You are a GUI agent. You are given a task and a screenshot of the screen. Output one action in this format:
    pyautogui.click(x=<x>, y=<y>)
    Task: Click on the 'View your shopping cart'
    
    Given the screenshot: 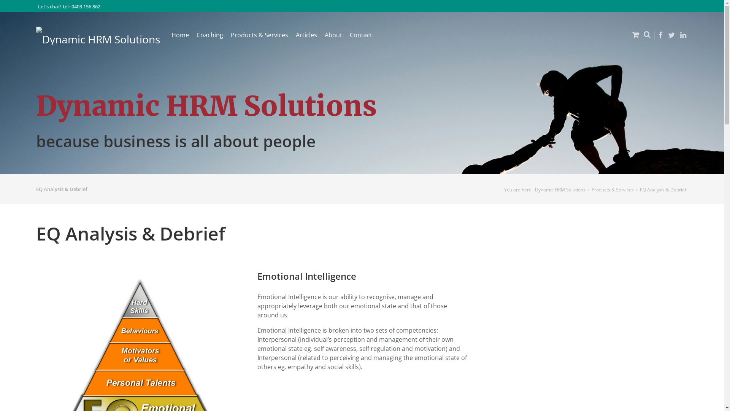 What is the action you would take?
    pyautogui.click(x=626, y=40)
    